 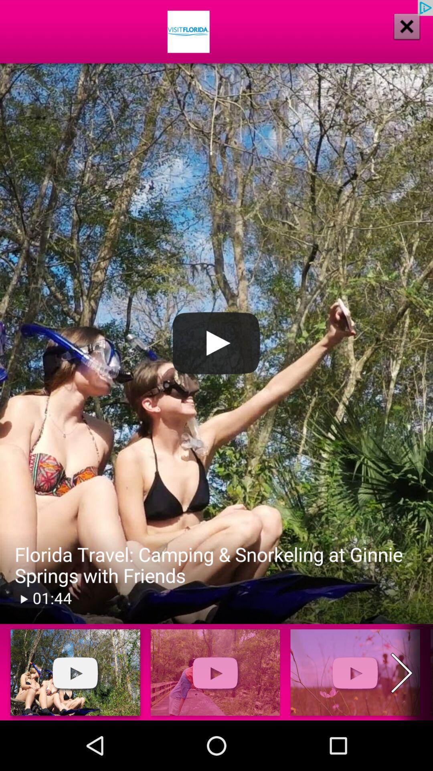 What do you see at coordinates (407, 28) in the screenshot?
I see `the close icon` at bounding box center [407, 28].